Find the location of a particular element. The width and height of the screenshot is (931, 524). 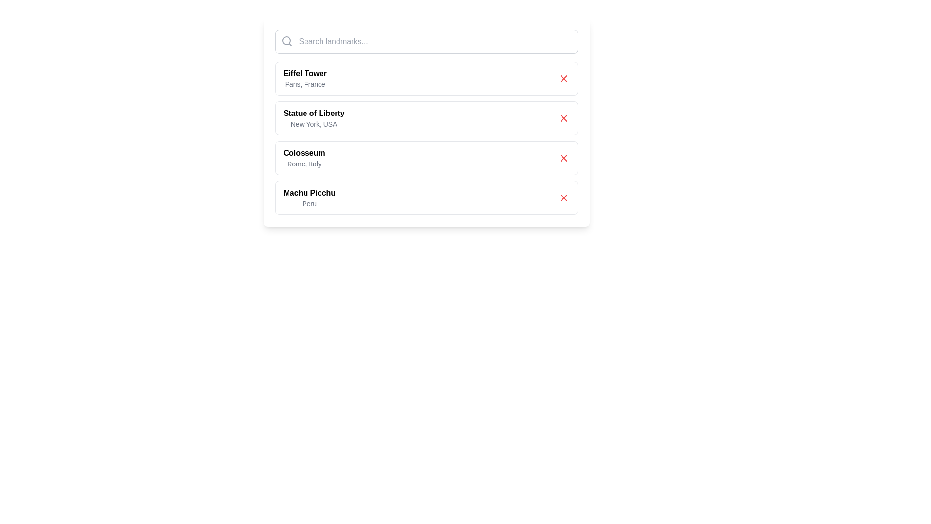

the list item displaying 'Machu Picchu' in bold font is located at coordinates (309, 197).